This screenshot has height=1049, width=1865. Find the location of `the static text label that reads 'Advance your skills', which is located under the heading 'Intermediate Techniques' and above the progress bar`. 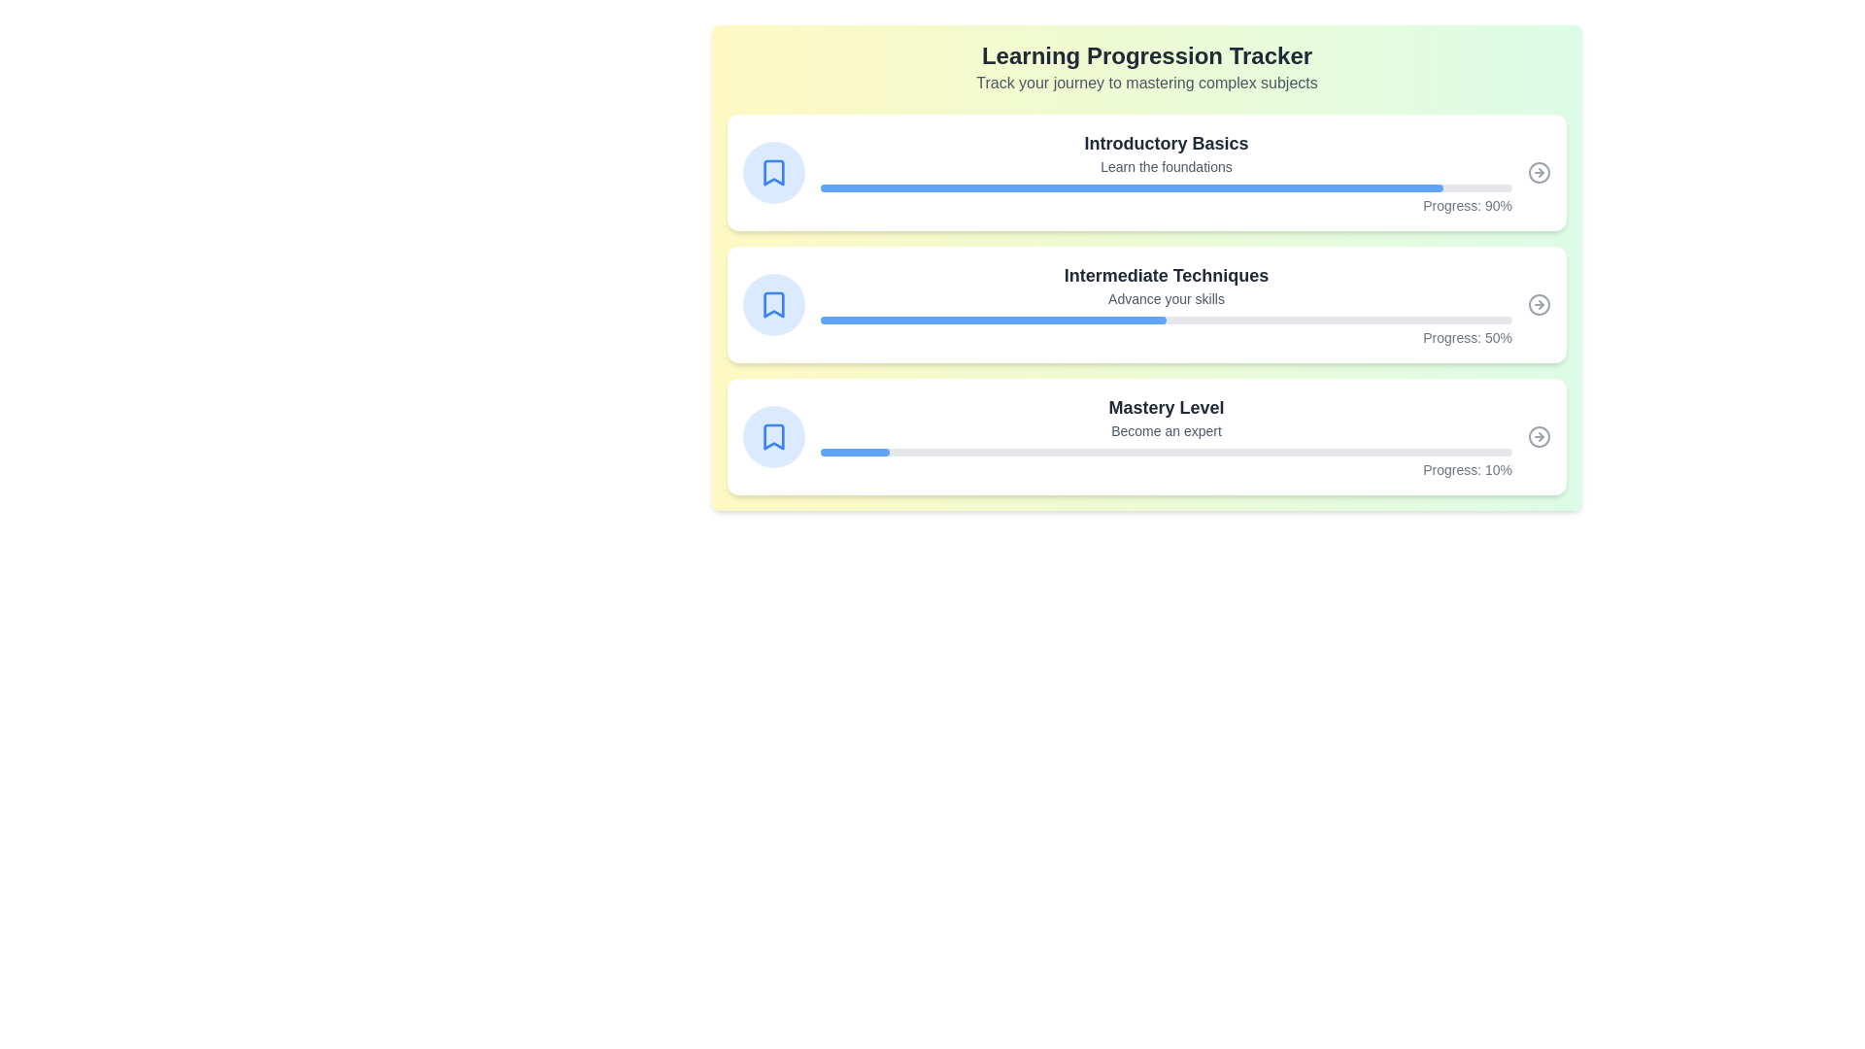

the static text label that reads 'Advance your skills', which is located under the heading 'Intermediate Techniques' and above the progress bar is located at coordinates (1166, 299).